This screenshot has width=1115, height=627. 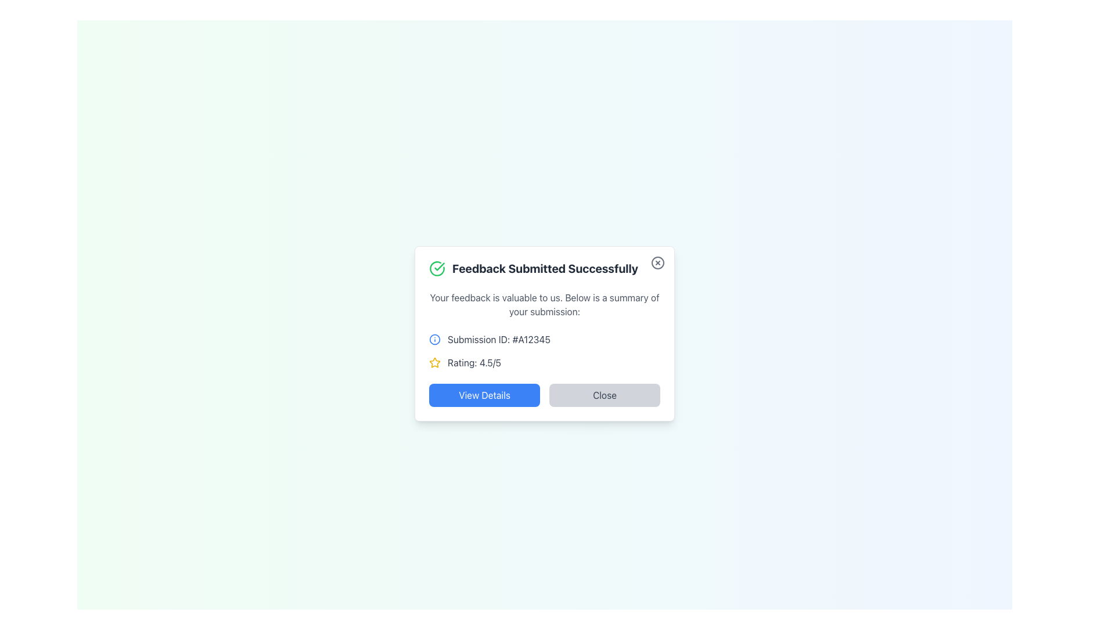 What do you see at coordinates (437, 268) in the screenshot?
I see `the green circular icon's outer circle located in the top-left corner of the notification card preceding the text 'Feedback Submitted Successfully'` at bounding box center [437, 268].